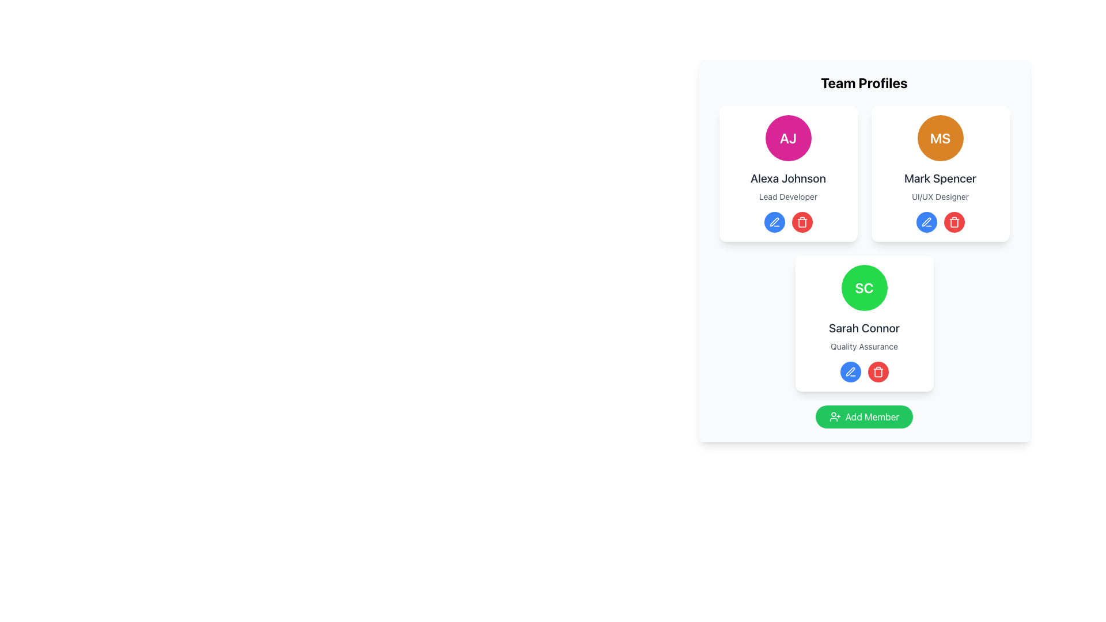 The image size is (1106, 622). I want to click on the blue edit button with a white pen icon located in the button group within Sarah Connor's profile card to modify the profile, so click(864, 371).